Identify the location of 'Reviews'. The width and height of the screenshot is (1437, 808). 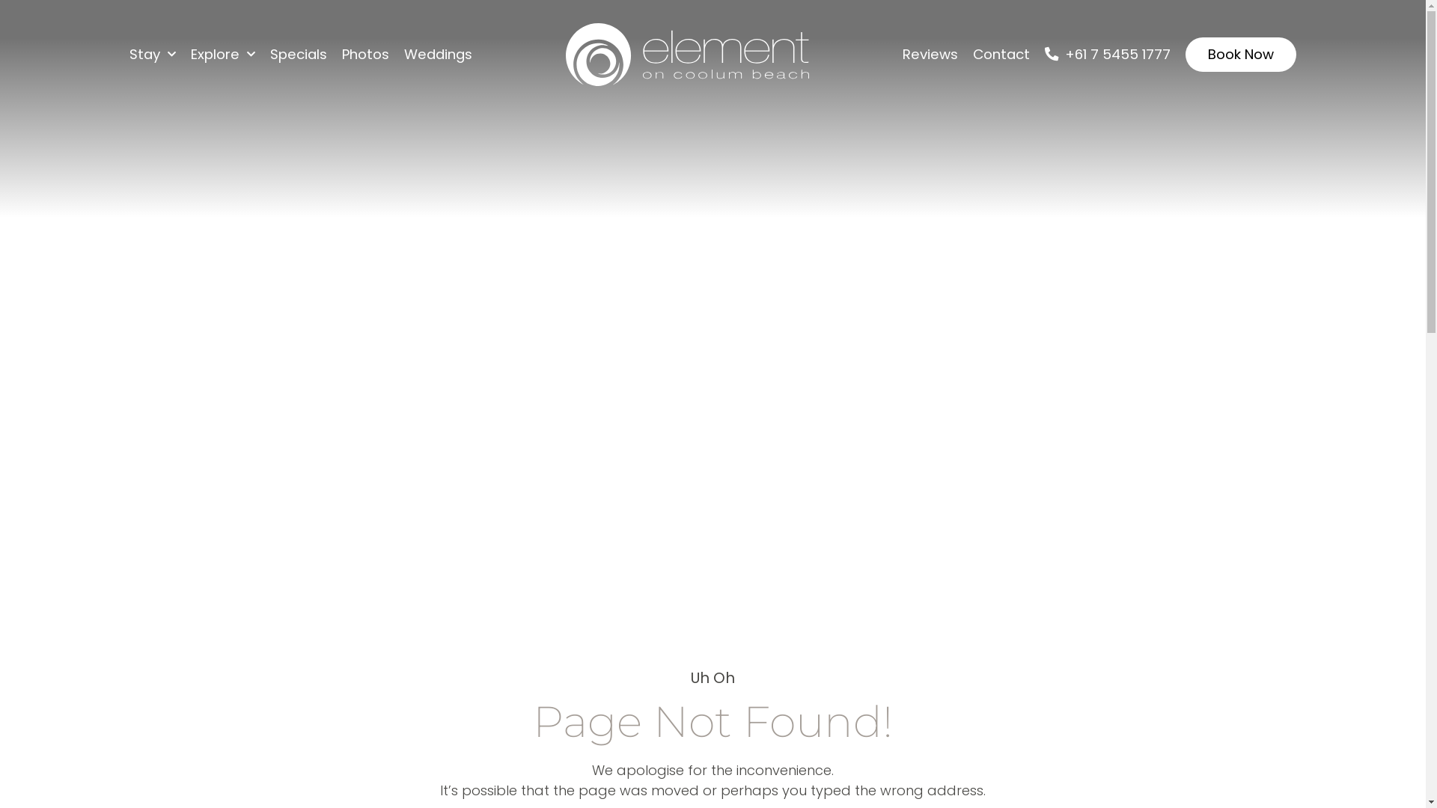
(930, 54).